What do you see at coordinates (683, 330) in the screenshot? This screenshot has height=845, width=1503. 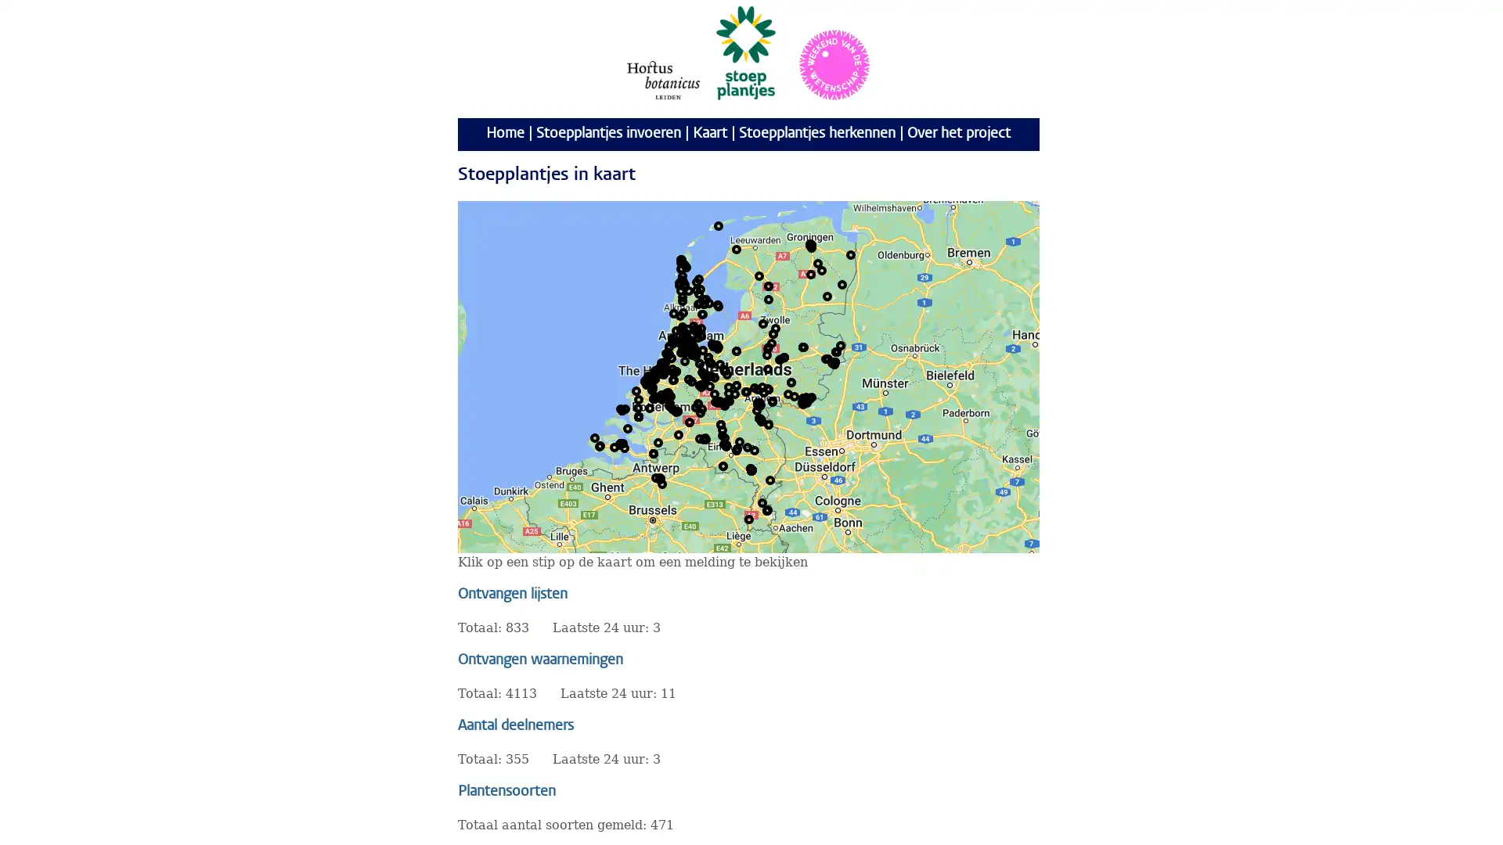 I see `Telling van Hortusfrak op 08 oktober 2021` at bounding box center [683, 330].